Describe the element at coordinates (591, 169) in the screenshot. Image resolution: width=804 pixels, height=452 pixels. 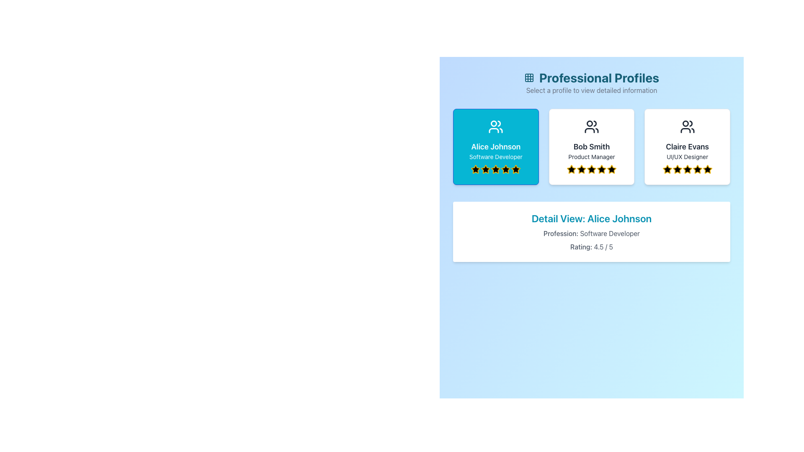
I see `fourth star icon in the rating component located below the 'Bob Smith - Product Manager' card` at that location.